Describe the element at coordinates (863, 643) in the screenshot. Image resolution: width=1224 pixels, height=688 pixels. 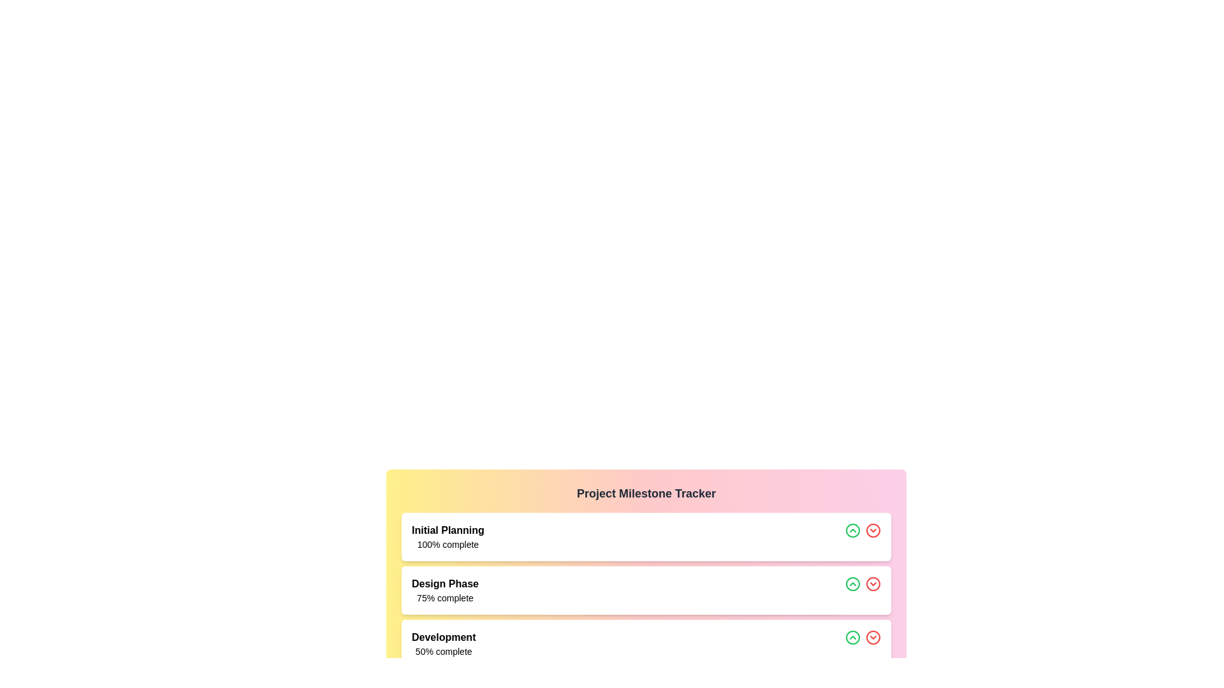
I see `the upward chevron icon button, which is part of a pair of circular buttons located at the far right of the 'Development 50% complete' row` at that location.